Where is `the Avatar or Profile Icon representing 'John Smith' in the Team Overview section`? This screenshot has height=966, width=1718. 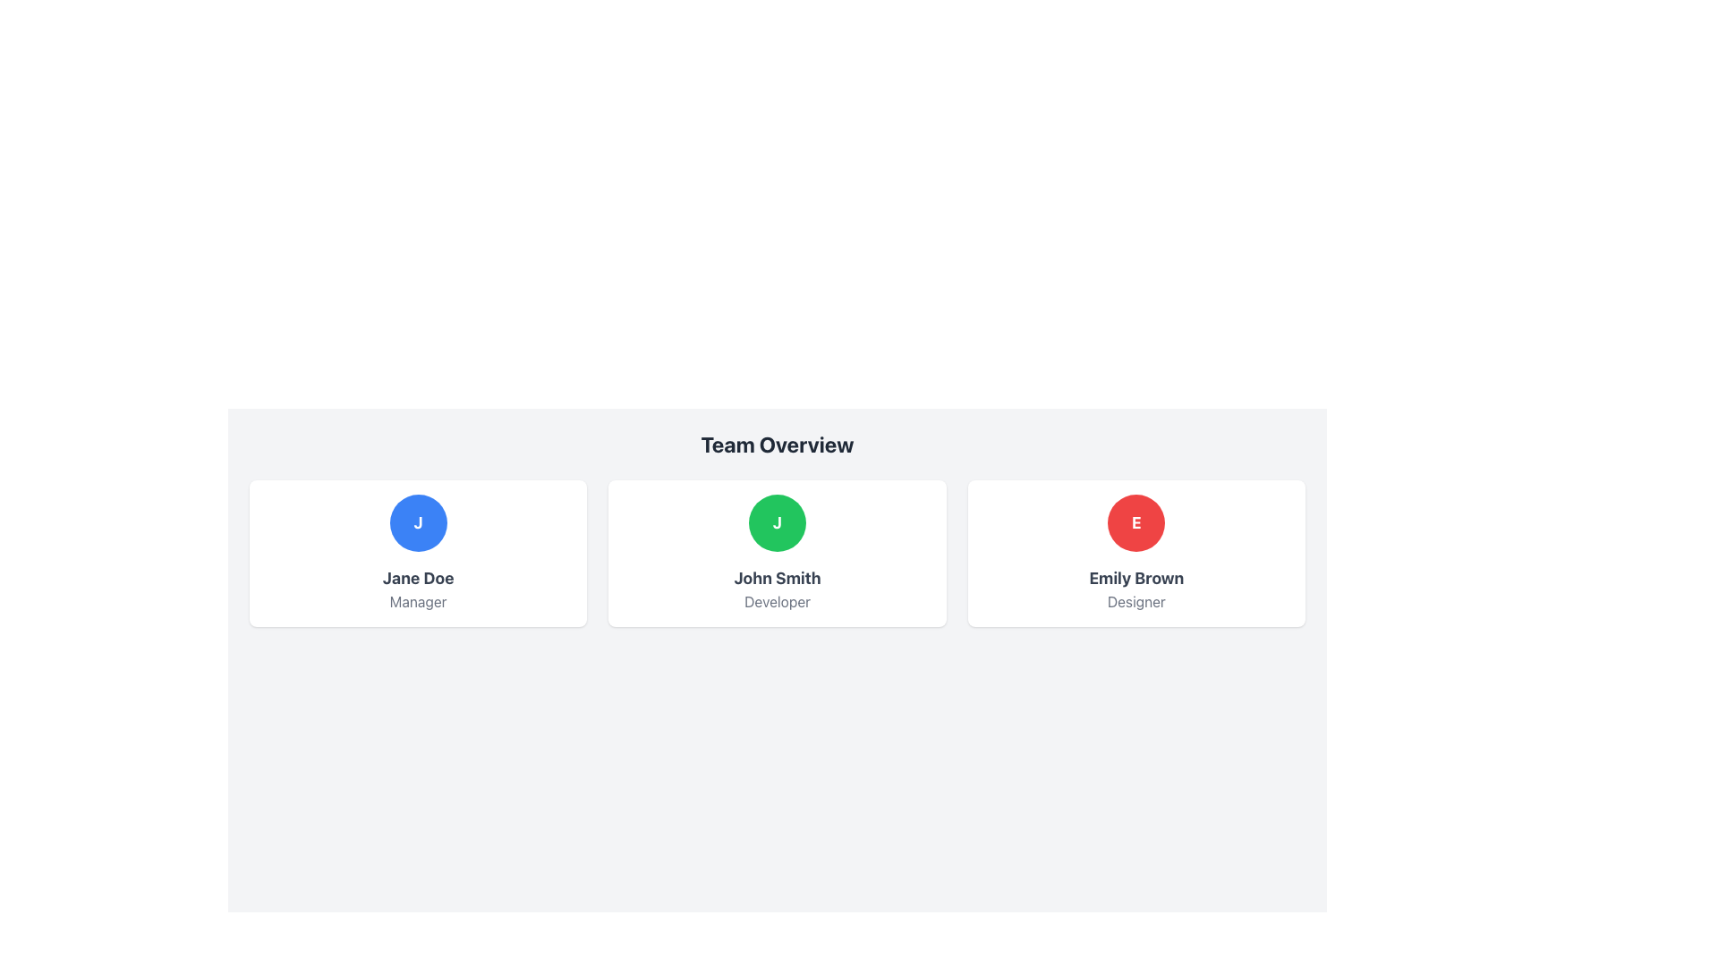
the Avatar or Profile Icon representing 'John Smith' in the Team Overview section is located at coordinates (777, 523).